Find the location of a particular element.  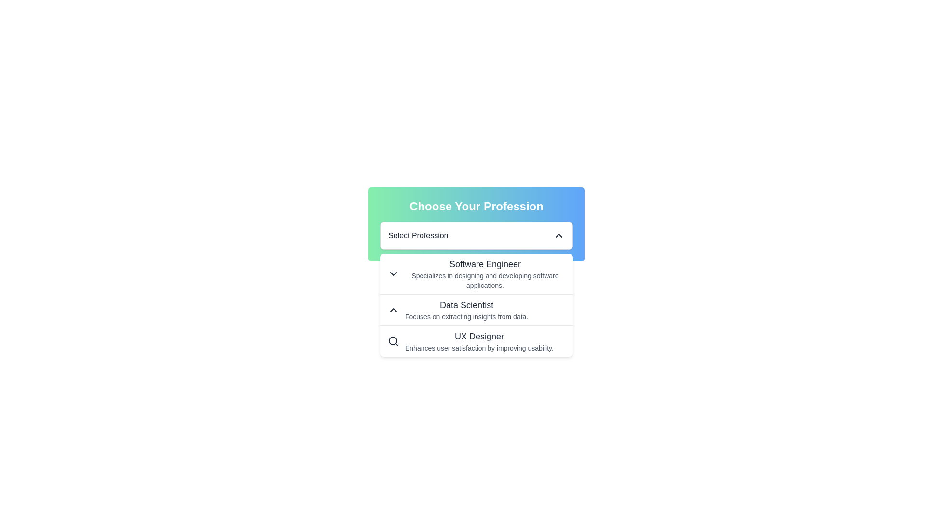

the 'Data Scientist' option in the dropdown menu is located at coordinates (466, 310).